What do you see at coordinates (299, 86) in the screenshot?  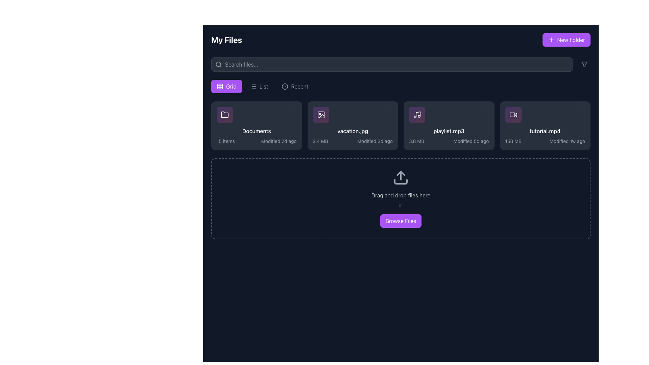 I see `the 'Recent' text label which serves as a clickable menu item to filter or organize items to show the most recently accessed files` at bounding box center [299, 86].